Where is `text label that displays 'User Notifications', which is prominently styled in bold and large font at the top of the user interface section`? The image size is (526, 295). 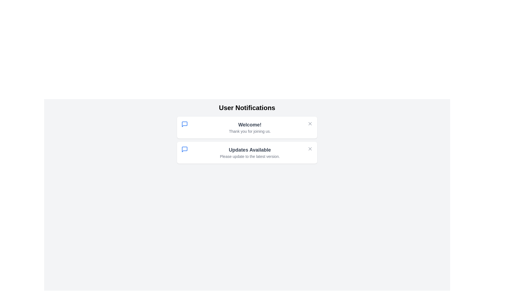 text label that displays 'User Notifications', which is prominently styled in bold and large font at the top of the user interface section is located at coordinates (247, 108).